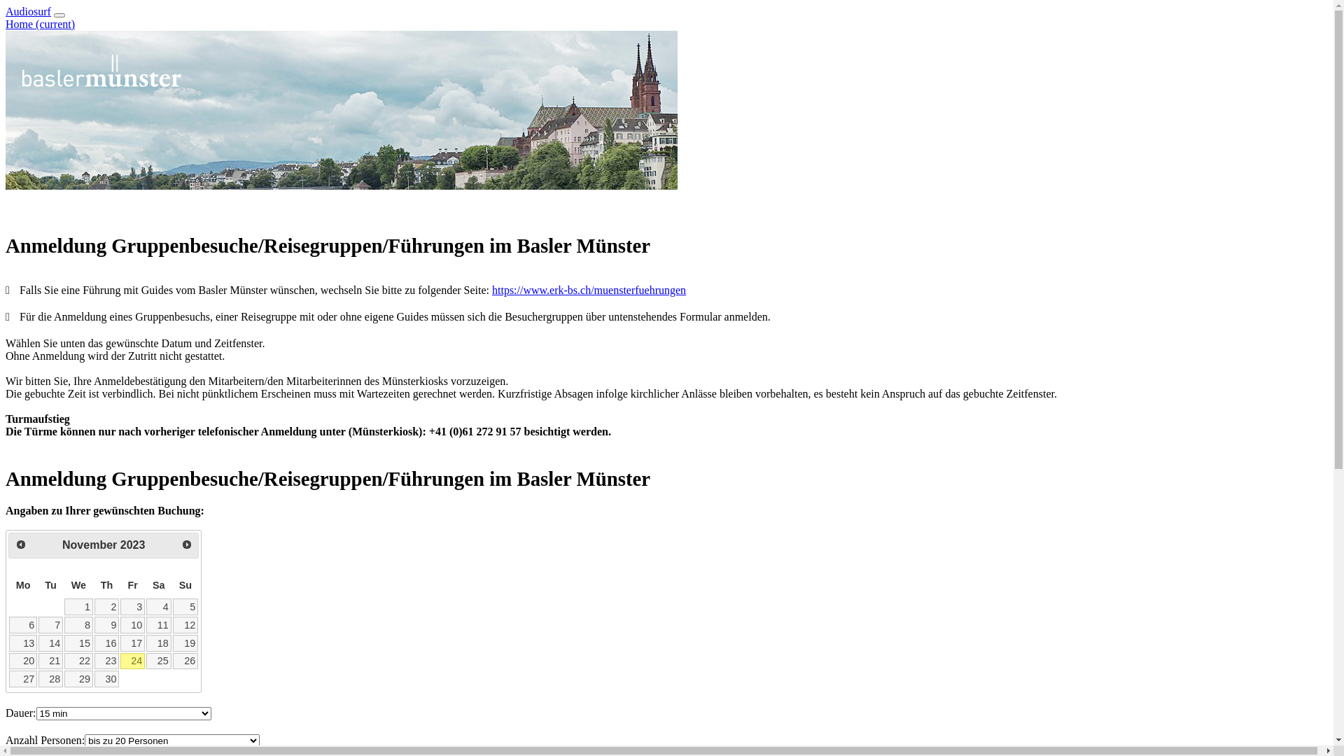  What do you see at coordinates (106, 661) in the screenshot?
I see `'23'` at bounding box center [106, 661].